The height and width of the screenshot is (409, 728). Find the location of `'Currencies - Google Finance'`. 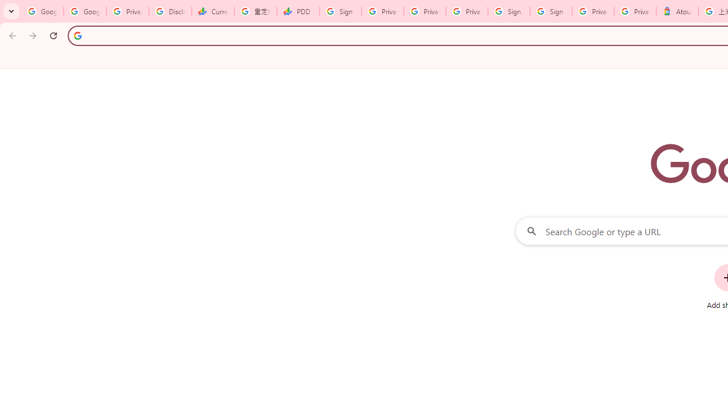

'Currencies - Google Finance' is located at coordinates (213, 11).